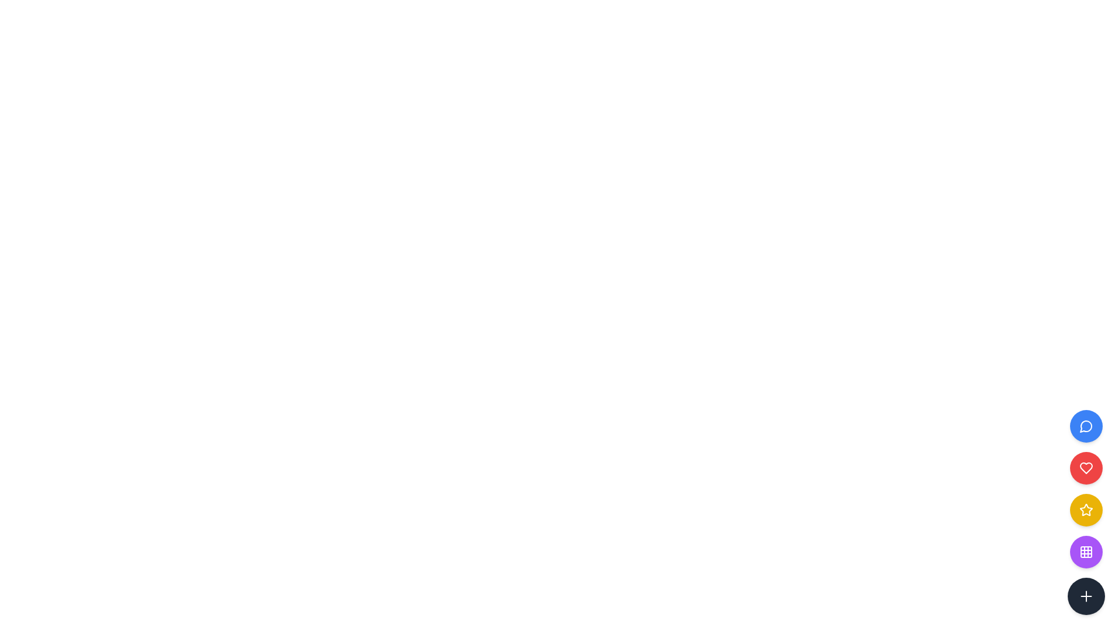 The height and width of the screenshot is (629, 1119). I want to click on the topmost circular button in the vertical stack of buttons near the right edge of the interface, so click(1085, 426).